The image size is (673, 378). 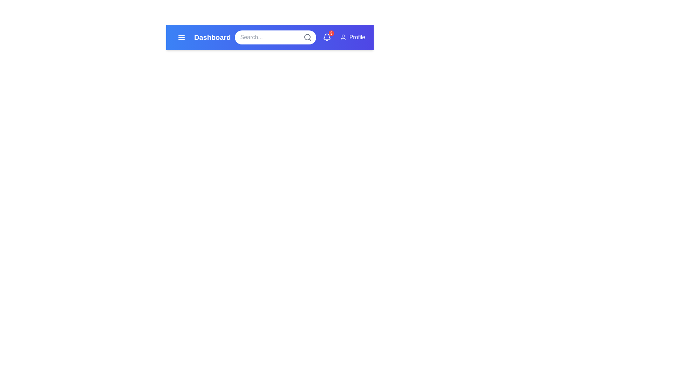 What do you see at coordinates (182, 37) in the screenshot?
I see `the menu toggle button located in the upper-left area of the viewport, positioned before the 'Dashboard' label` at bounding box center [182, 37].